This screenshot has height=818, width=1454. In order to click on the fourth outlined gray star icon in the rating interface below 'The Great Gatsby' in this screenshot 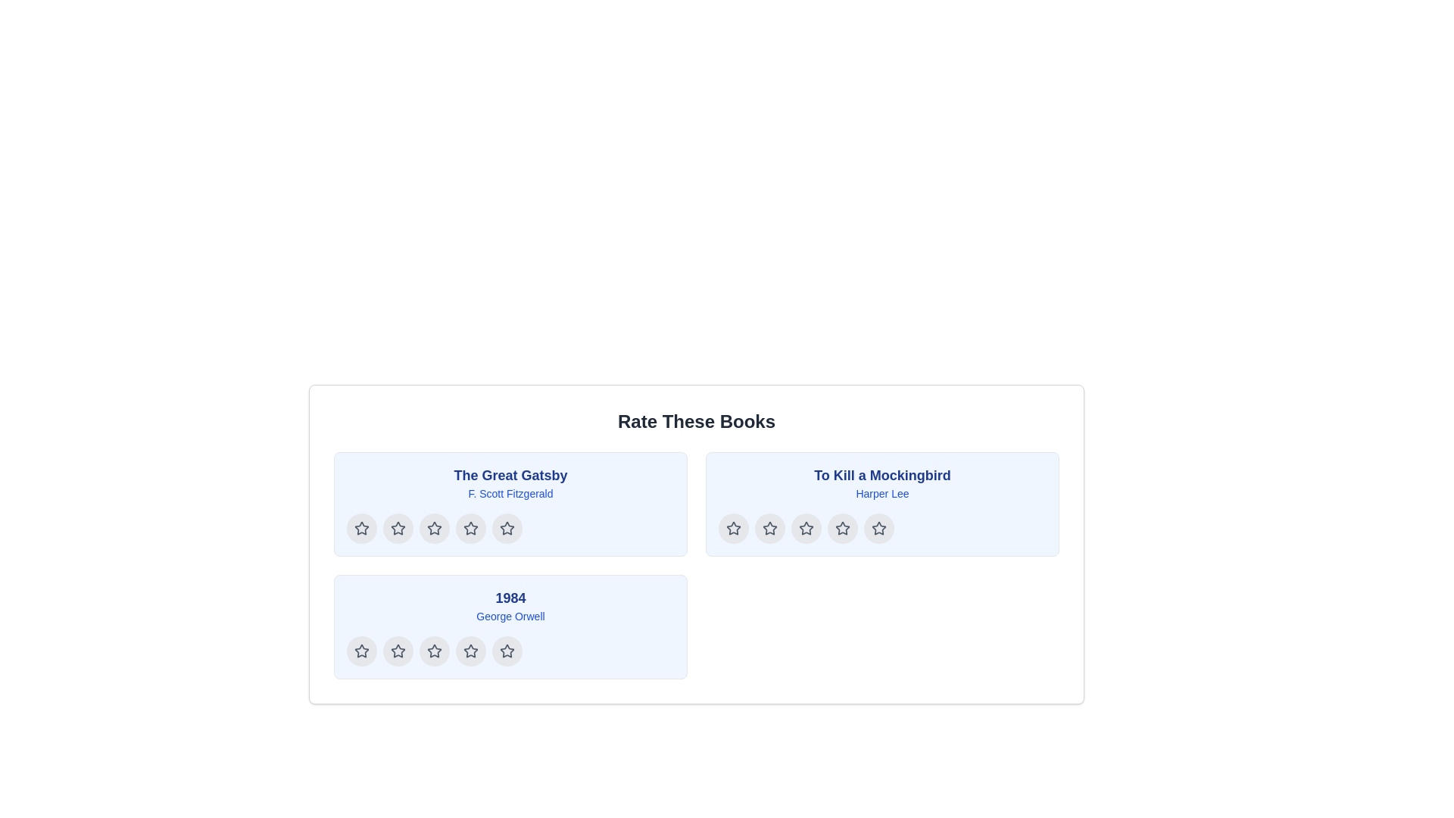, I will do `click(470, 527)`.